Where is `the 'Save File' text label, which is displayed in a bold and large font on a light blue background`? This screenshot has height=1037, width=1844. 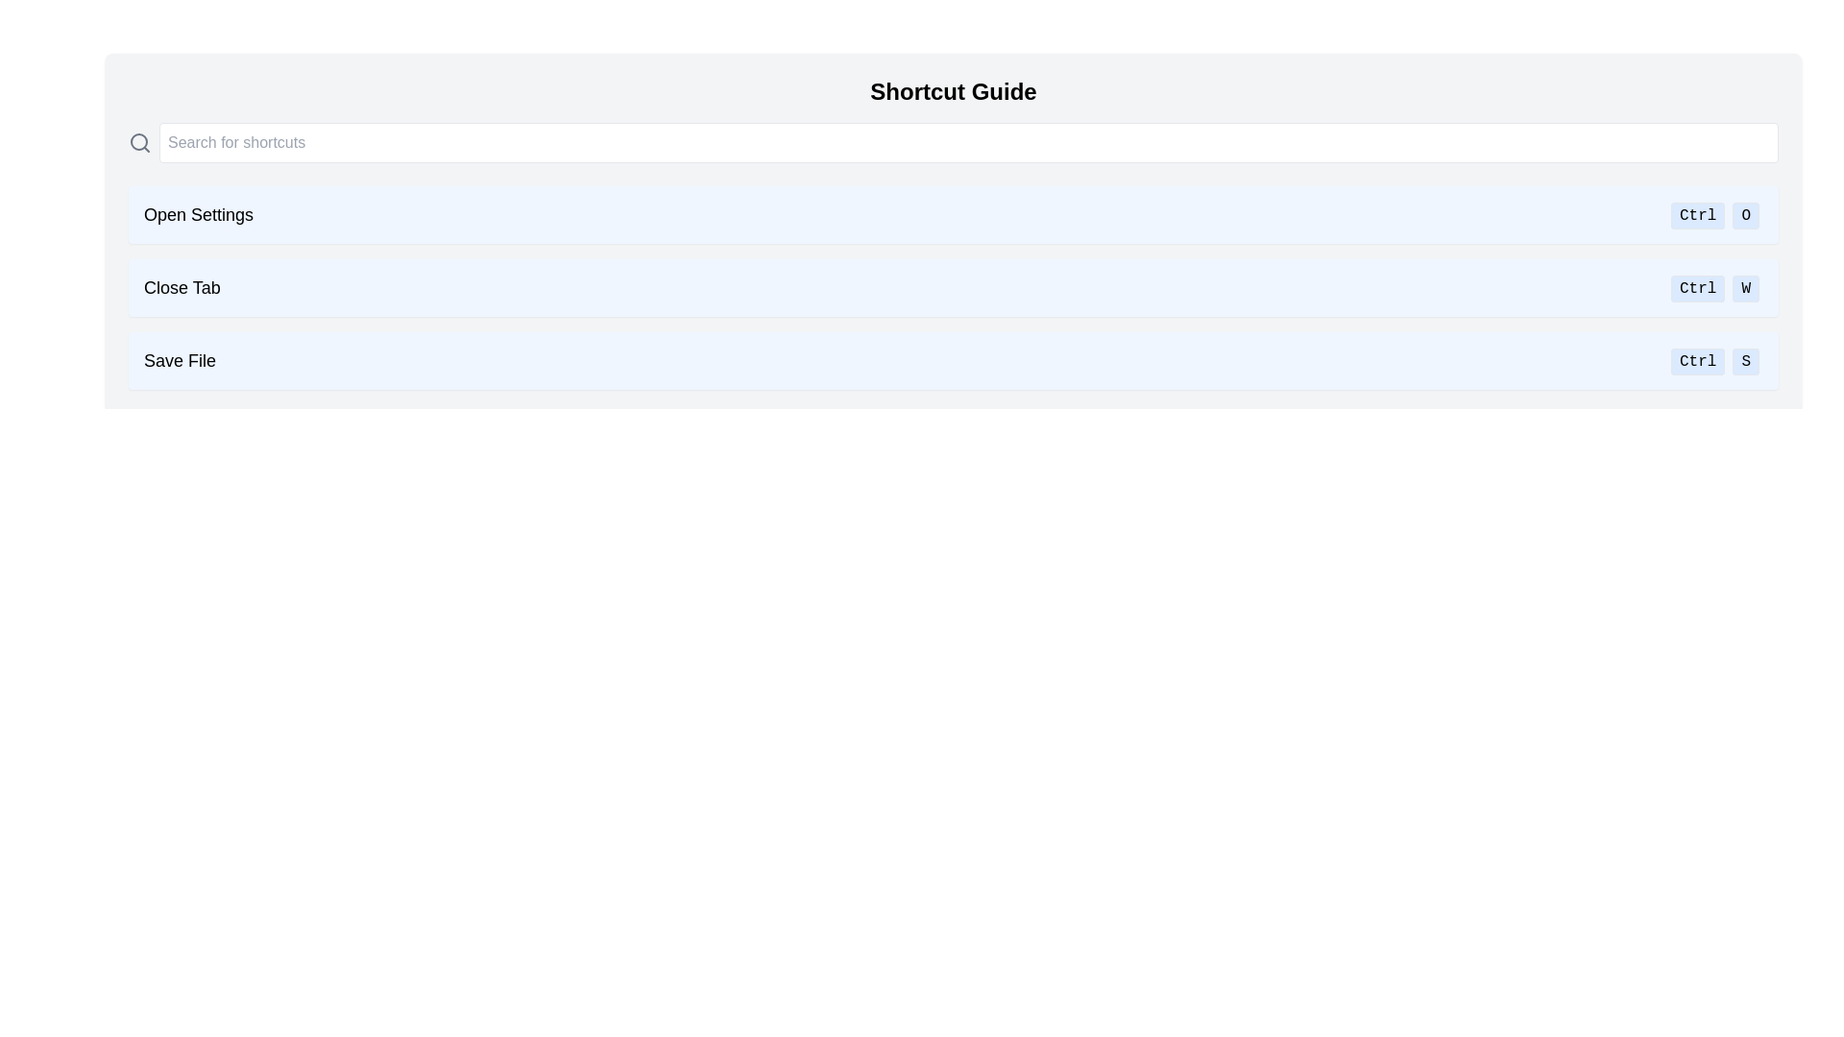 the 'Save File' text label, which is displayed in a bold and large font on a light blue background is located at coordinates (180, 360).